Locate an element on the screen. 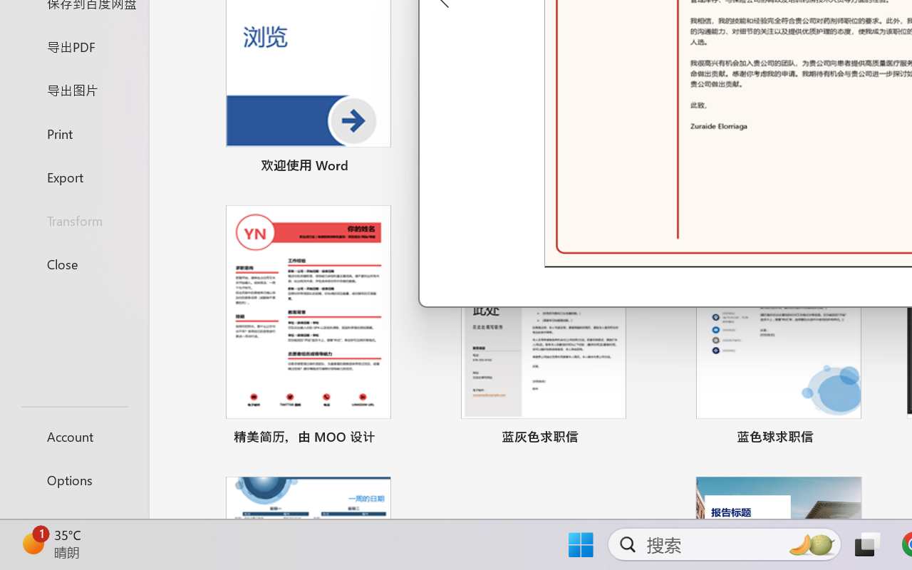 The height and width of the screenshot is (570, 912). 'Transform' is located at coordinates (73, 219).